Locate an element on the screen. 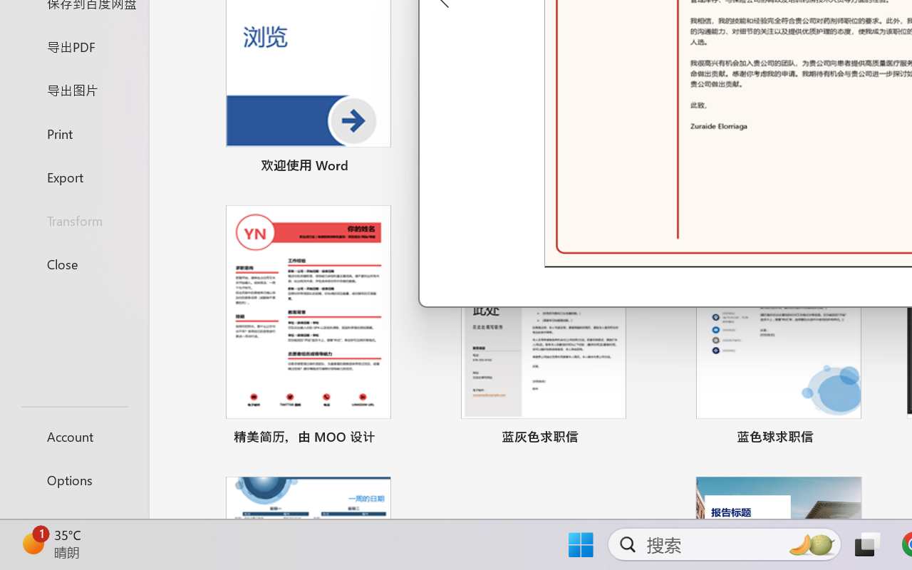 The height and width of the screenshot is (570, 912). 'Transform' is located at coordinates (73, 219).